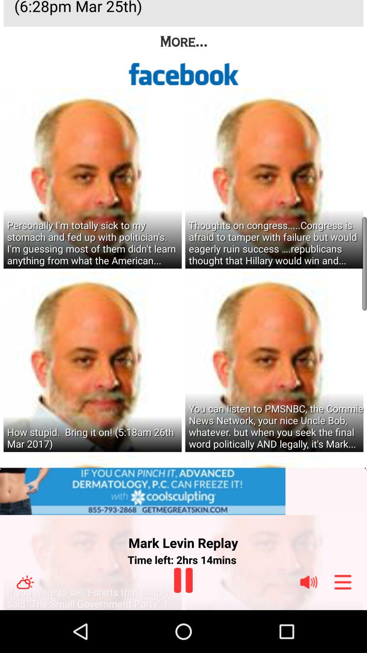 This screenshot has width=367, height=653. What do you see at coordinates (183, 621) in the screenshot?
I see `the pause icon` at bounding box center [183, 621].